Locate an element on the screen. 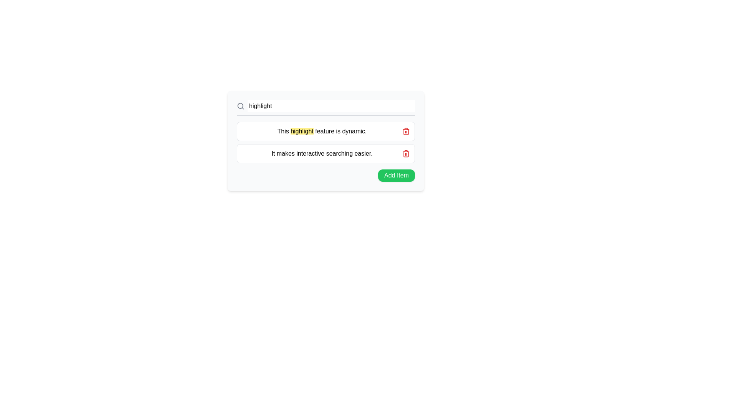  the search icon button, which resembles a magnifying glass and is positioned to the left of a text input field, for visual feedback is located at coordinates (240, 106).